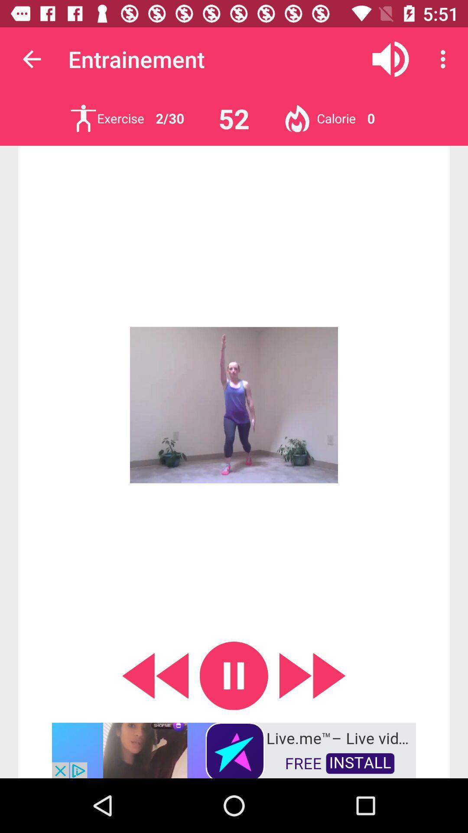  Describe the element at coordinates (83, 118) in the screenshot. I see `exercise list` at that location.